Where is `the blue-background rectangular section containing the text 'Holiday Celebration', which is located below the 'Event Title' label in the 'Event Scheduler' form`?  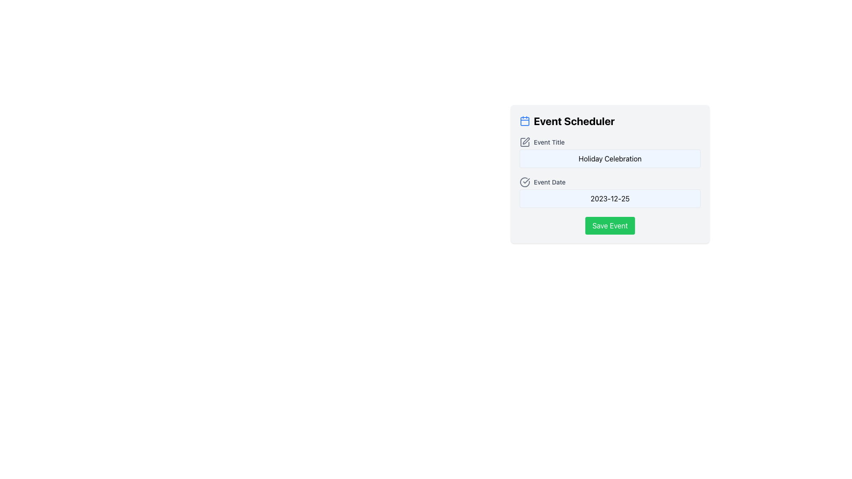 the blue-background rectangular section containing the text 'Holiday Celebration', which is located below the 'Event Title' label in the 'Event Scheduler' form is located at coordinates (609, 158).